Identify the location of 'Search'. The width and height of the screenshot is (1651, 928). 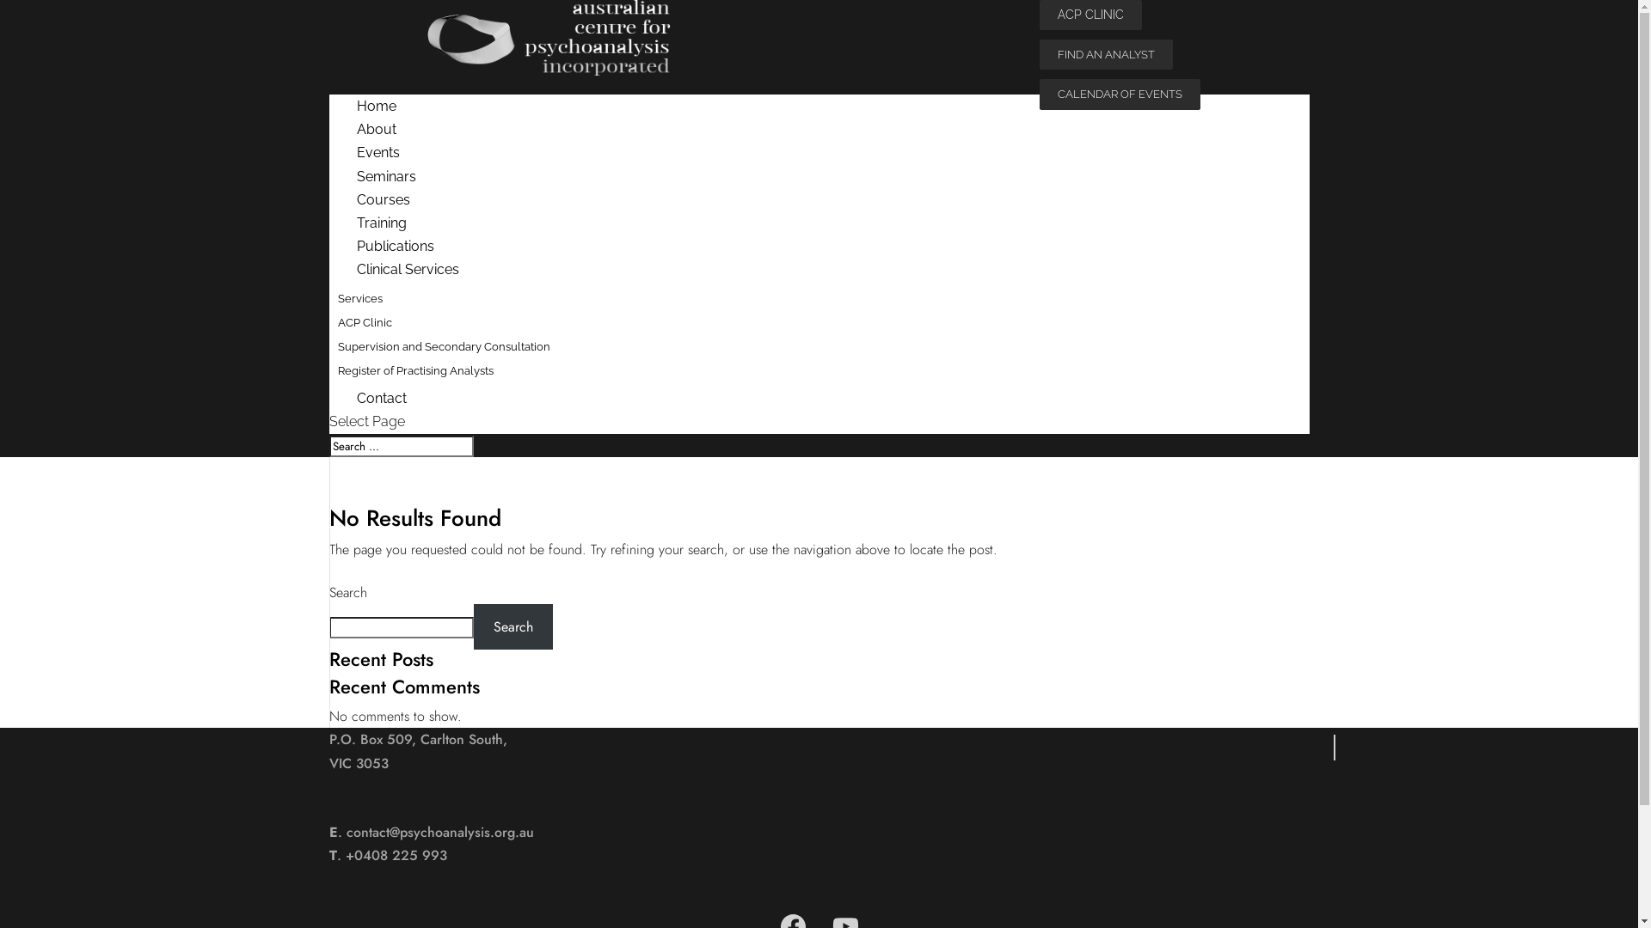
(512, 626).